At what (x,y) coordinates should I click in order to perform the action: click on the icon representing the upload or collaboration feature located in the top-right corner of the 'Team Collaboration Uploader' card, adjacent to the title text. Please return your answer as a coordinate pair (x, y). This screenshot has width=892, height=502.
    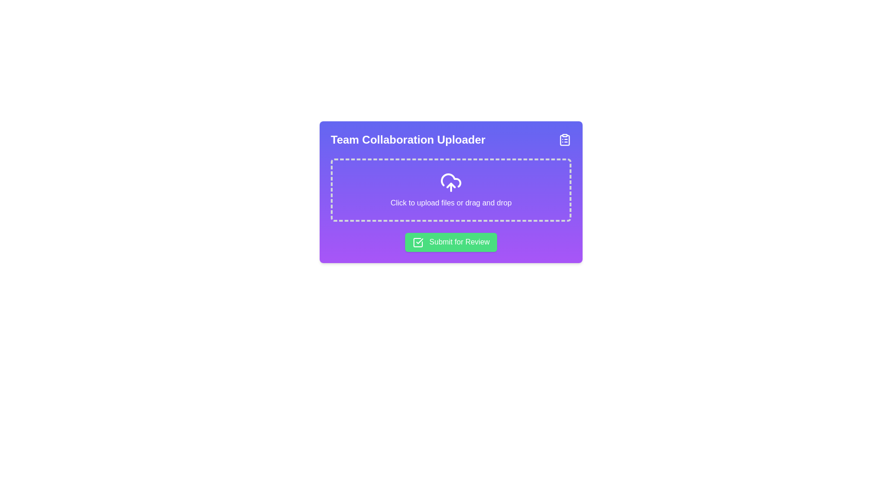
    Looking at the image, I should click on (564, 139).